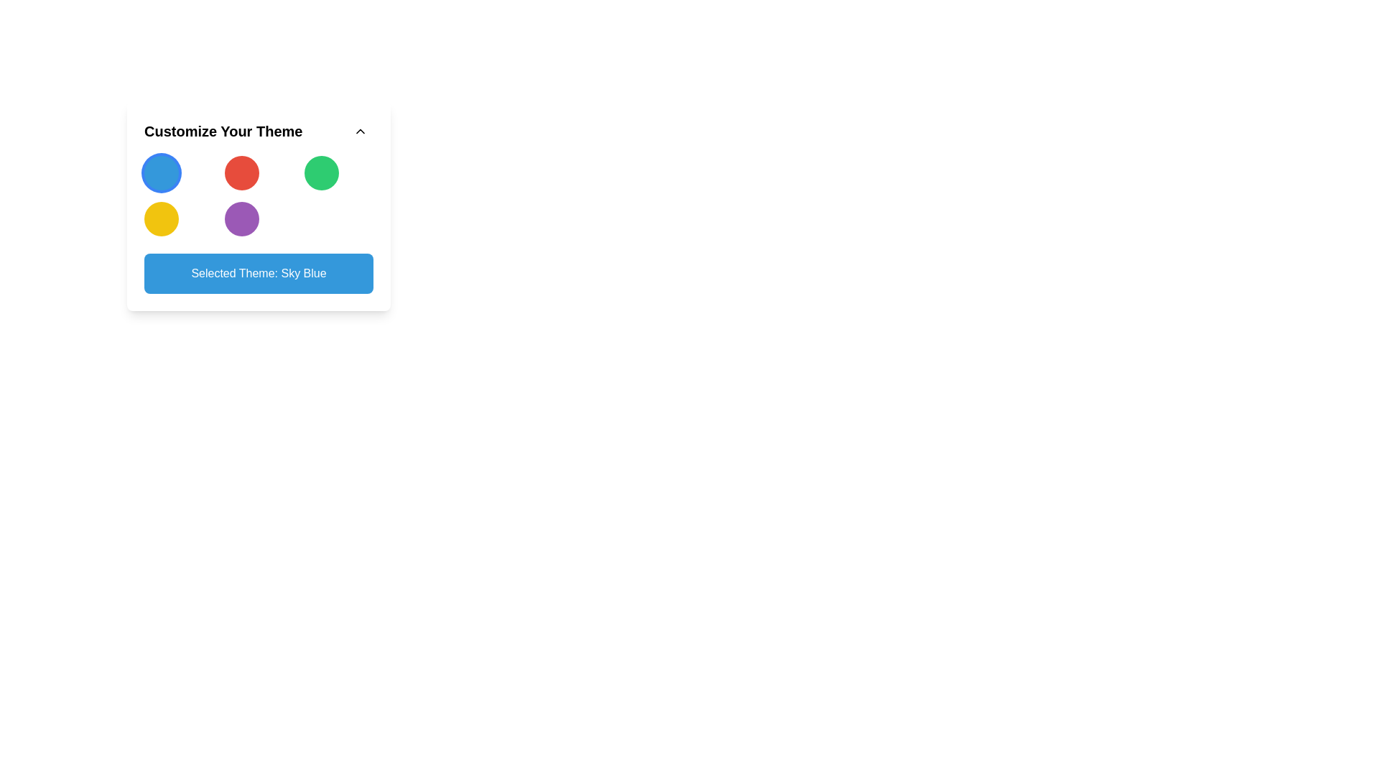  What do you see at coordinates (320, 172) in the screenshot?
I see `the circular green button in the top row, third column of the grid layout` at bounding box center [320, 172].